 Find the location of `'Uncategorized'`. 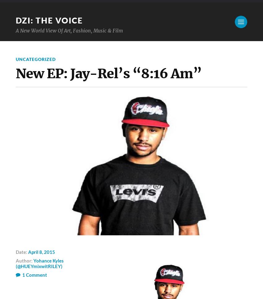

'Uncategorized' is located at coordinates (35, 59).